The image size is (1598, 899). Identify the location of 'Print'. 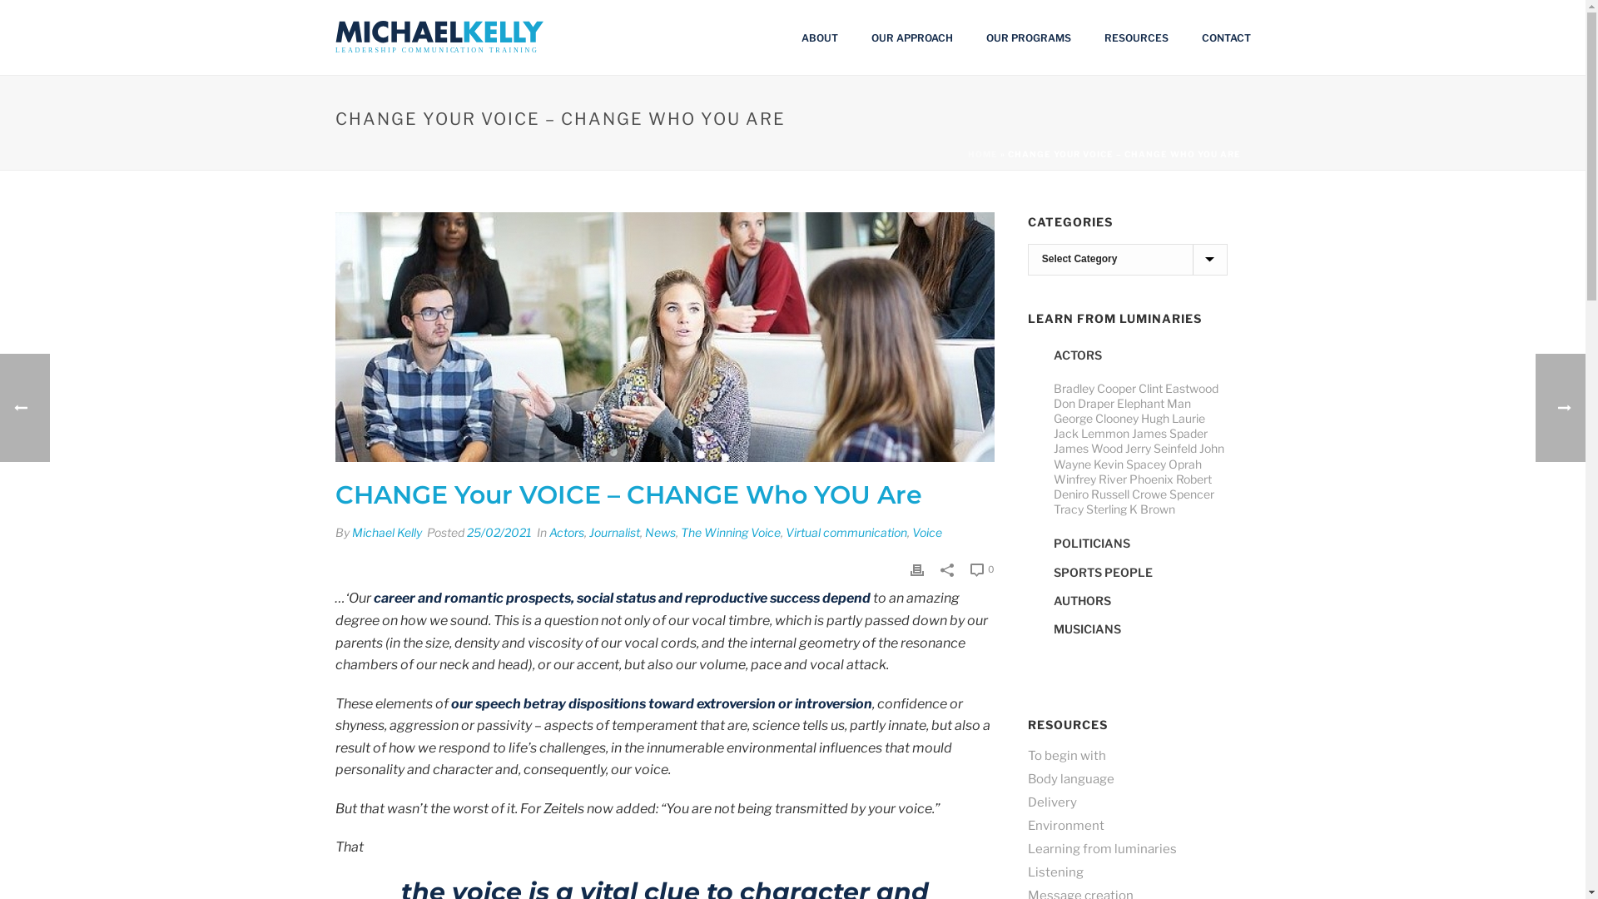
(916, 567).